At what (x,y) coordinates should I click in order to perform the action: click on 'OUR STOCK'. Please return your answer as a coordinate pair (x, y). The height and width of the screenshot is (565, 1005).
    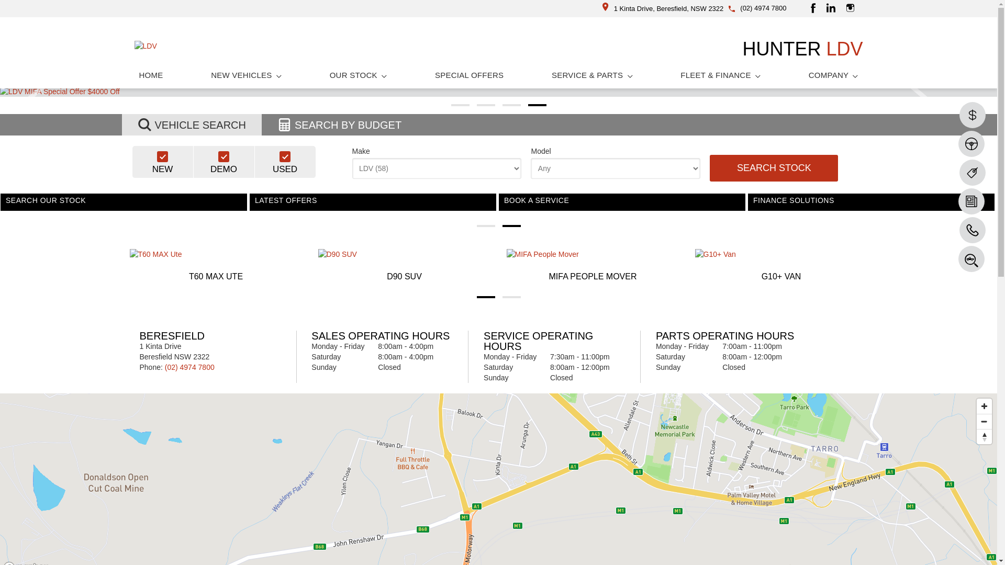
    Looking at the image, I should click on (359, 74).